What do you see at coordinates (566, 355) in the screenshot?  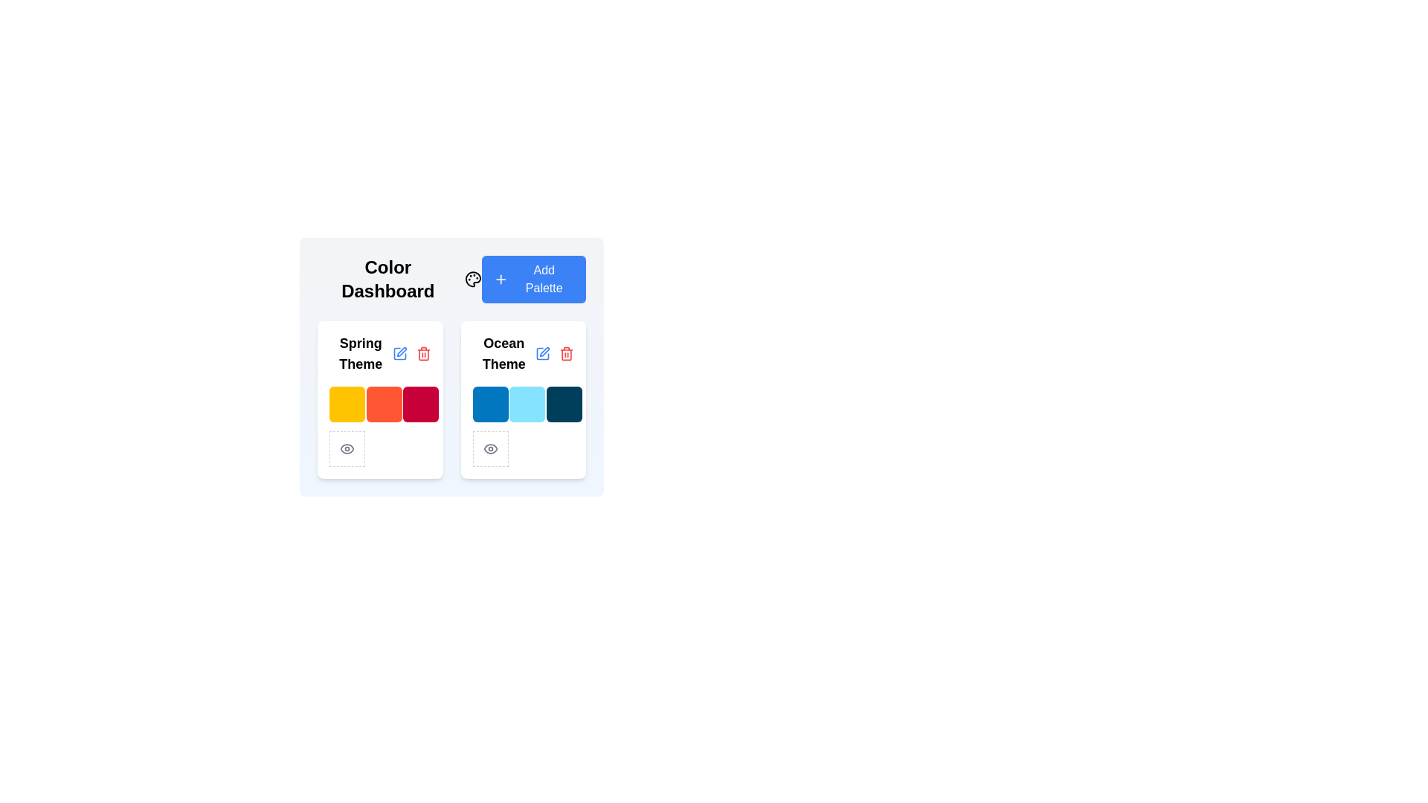 I see `the trash can icon fragment located at the top-right area of the interface, adjacent to the 'Ocean Theme' card` at bounding box center [566, 355].